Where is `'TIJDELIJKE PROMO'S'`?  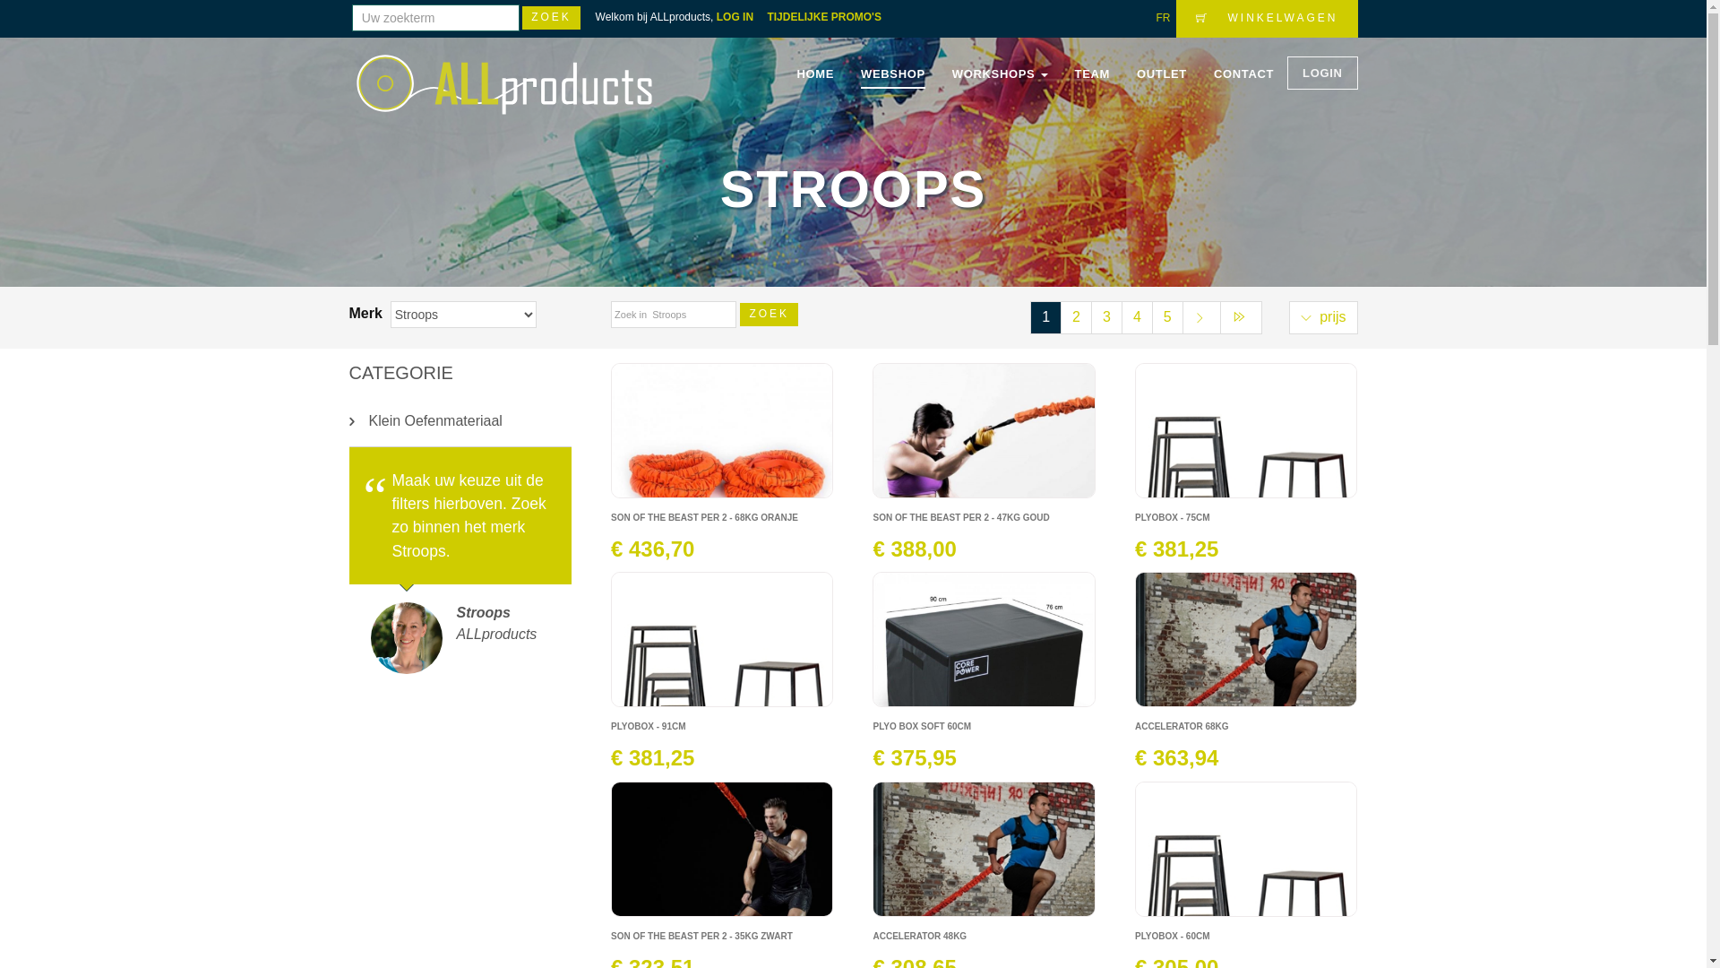
'TIJDELIJKE PROMO'S' is located at coordinates (829, 17).